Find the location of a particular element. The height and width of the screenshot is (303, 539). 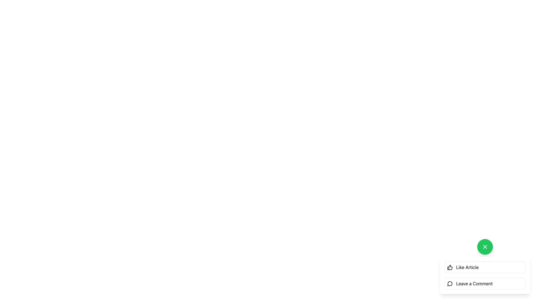

the 'Leave a Comment' button, which is a rectangular button with a comment bubble icon and a white background is located at coordinates (485, 283).